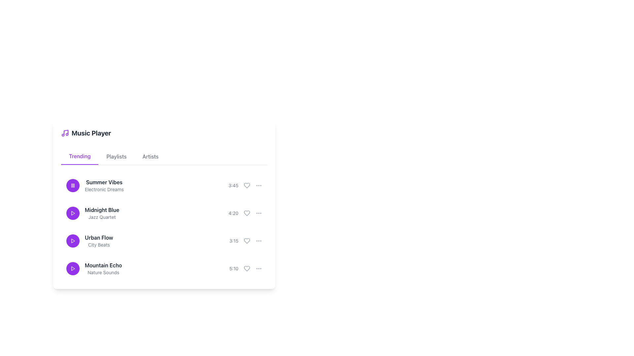  I want to click on the duration label located in the bottommost row of the 'Trending' tab, which is the leftmost component in the fourth row's interactive section, so click(234, 268).